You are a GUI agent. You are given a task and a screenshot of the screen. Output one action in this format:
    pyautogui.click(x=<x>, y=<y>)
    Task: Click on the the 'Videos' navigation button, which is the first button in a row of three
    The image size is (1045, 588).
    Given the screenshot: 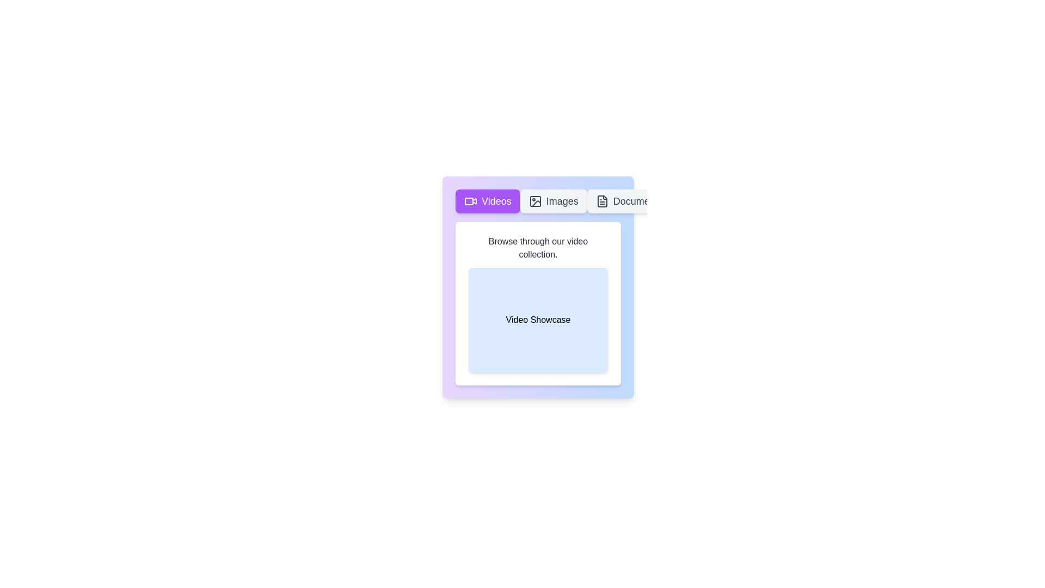 What is the action you would take?
    pyautogui.click(x=487, y=201)
    